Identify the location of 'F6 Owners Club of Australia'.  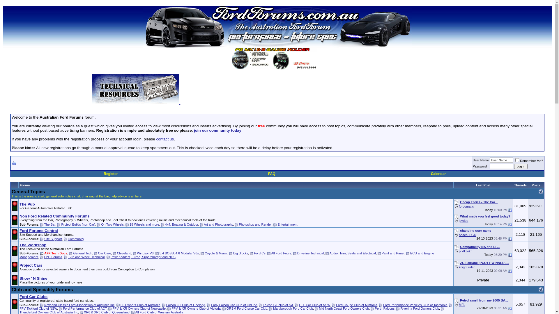
(140, 305).